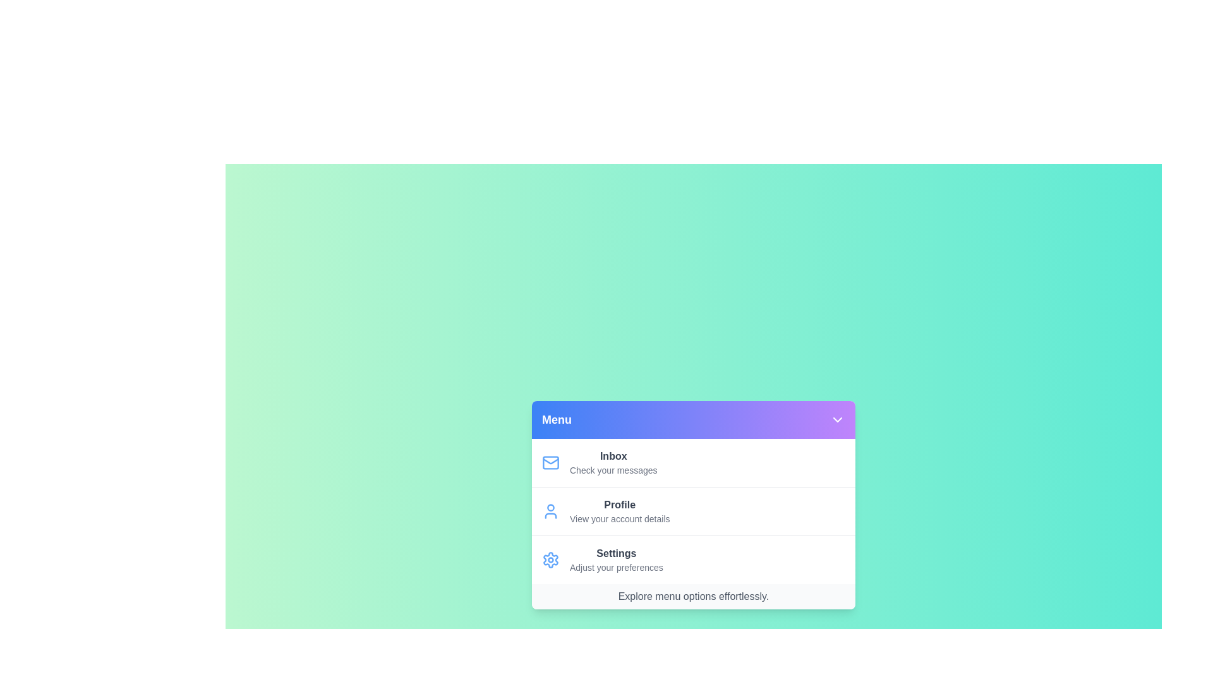 This screenshot has height=682, width=1213. What do you see at coordinates (693, 510) in the screenshot?
I see `the menu item Profile from the menu` at bounding box center [693, 510].